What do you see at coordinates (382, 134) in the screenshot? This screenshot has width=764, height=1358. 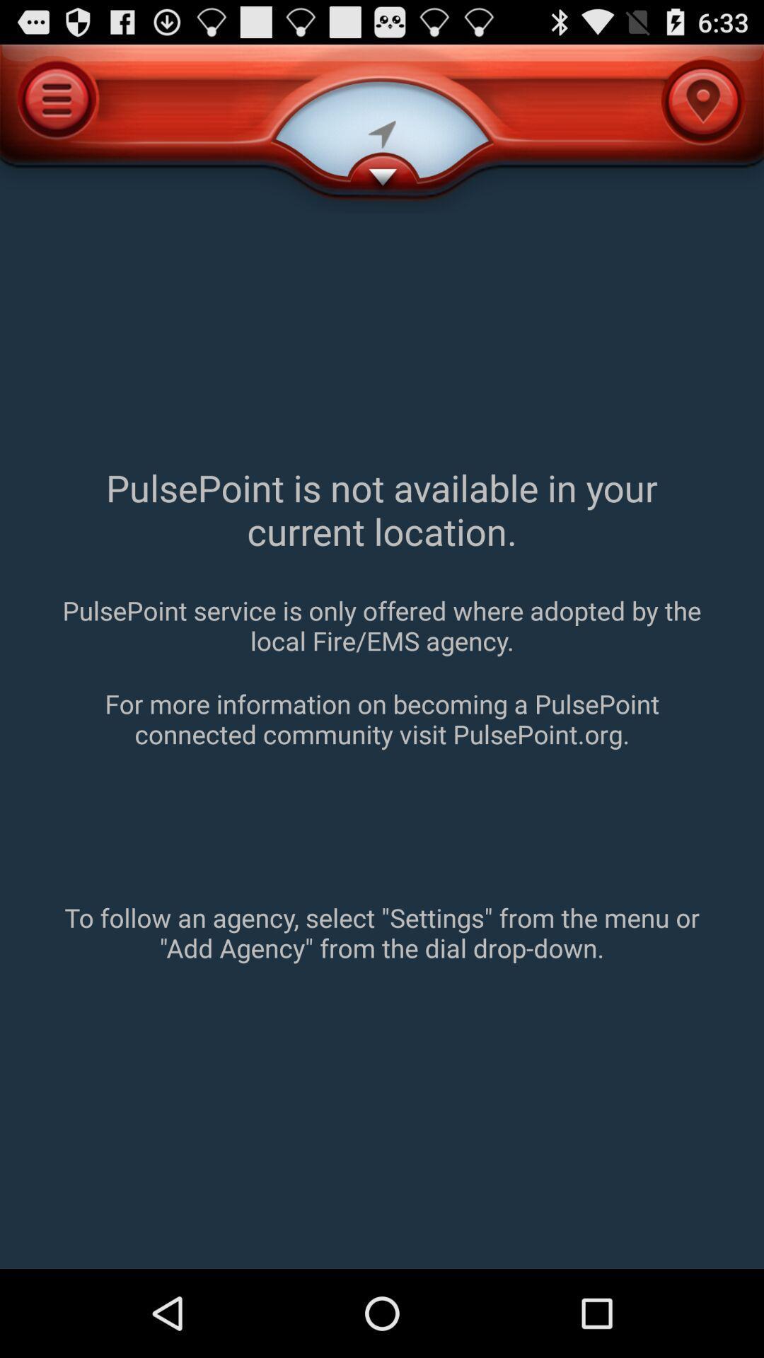 I see `the 2nd icon to the left of menu icon` at bounding box center [382, 134].